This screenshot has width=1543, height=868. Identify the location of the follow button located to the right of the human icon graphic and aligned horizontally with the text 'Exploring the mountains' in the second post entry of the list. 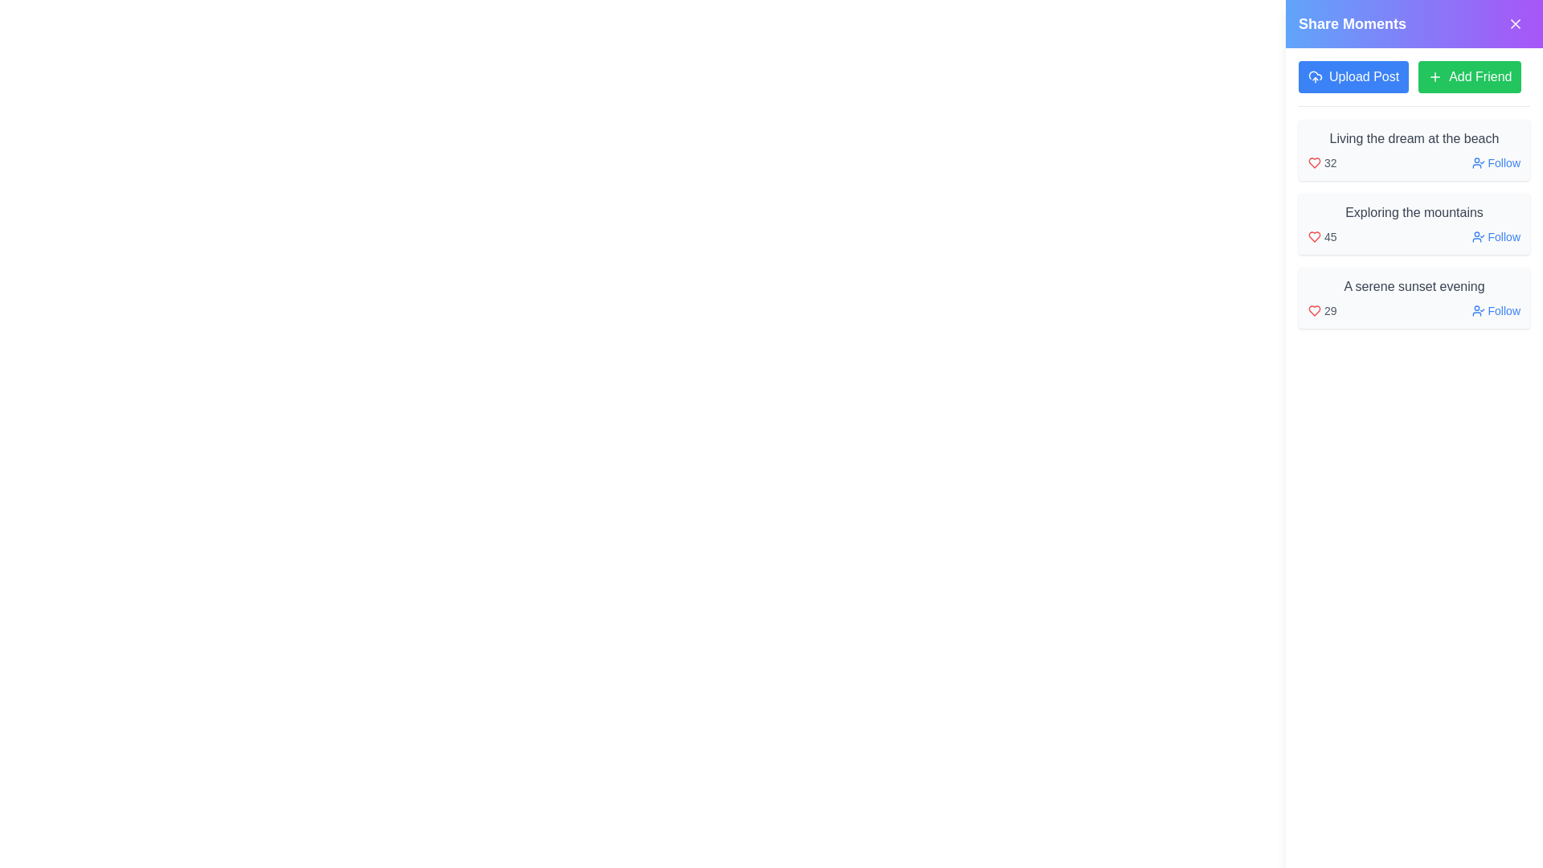
(1503, 236).